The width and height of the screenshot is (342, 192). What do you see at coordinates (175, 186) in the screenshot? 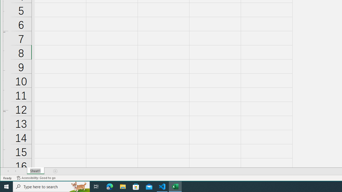
I see `'Excel - 1 running window'` at bounding box center [175, 186].